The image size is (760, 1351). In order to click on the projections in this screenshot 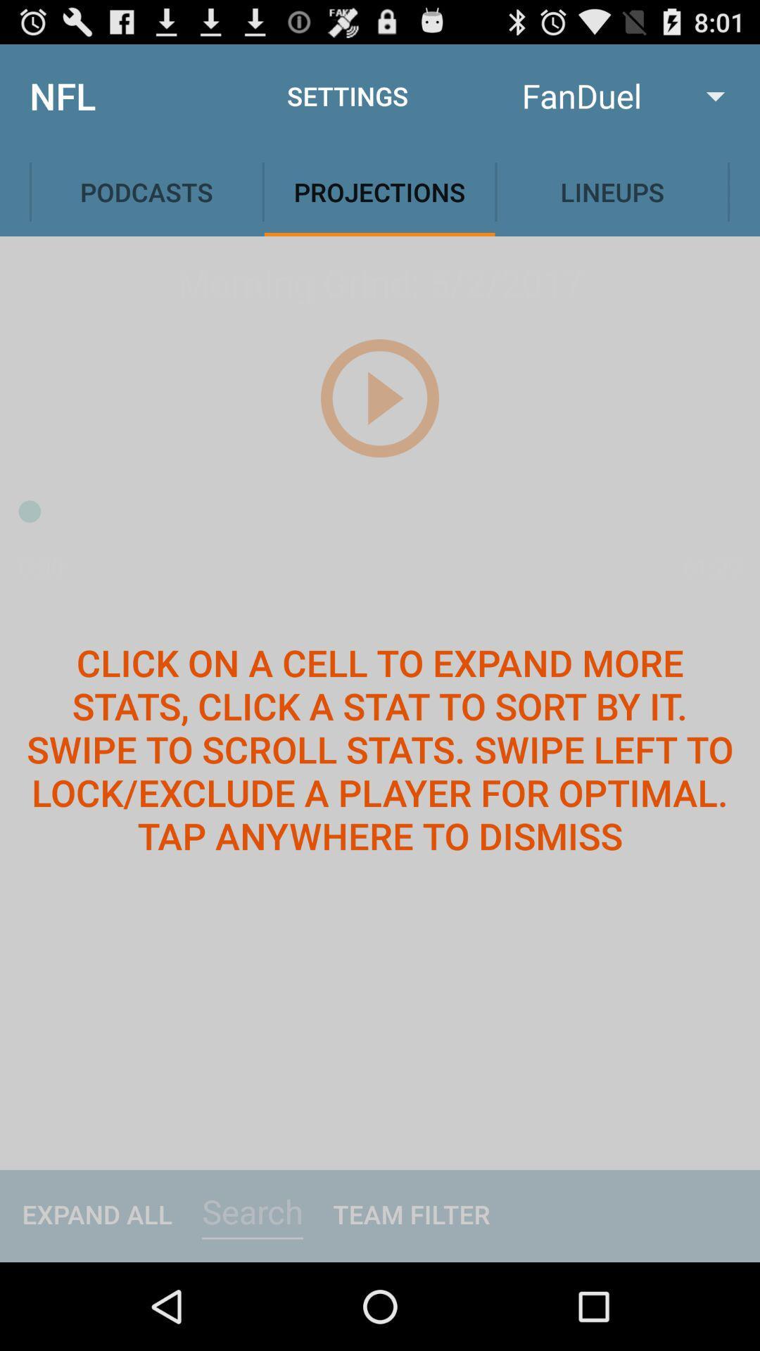, I will do `click(380, 191)`.